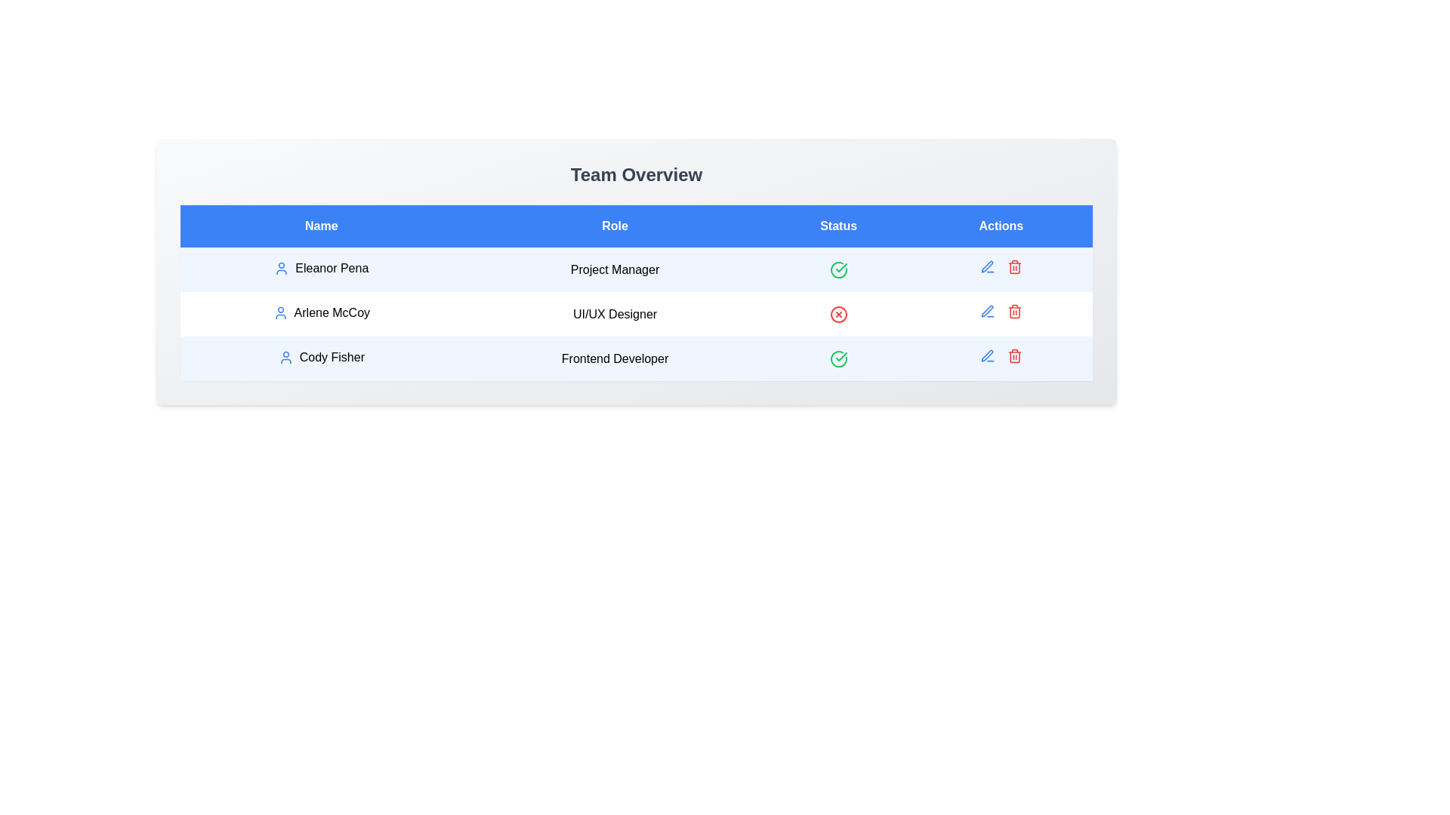  Describe the element at coordinates (838, 269) in the screenshot. I see `the status indicator icon located in the 'Status' column of the table for the 'Frontend Developer' entry, positioned between the 'Role' and 'Actions' columns` at that location.